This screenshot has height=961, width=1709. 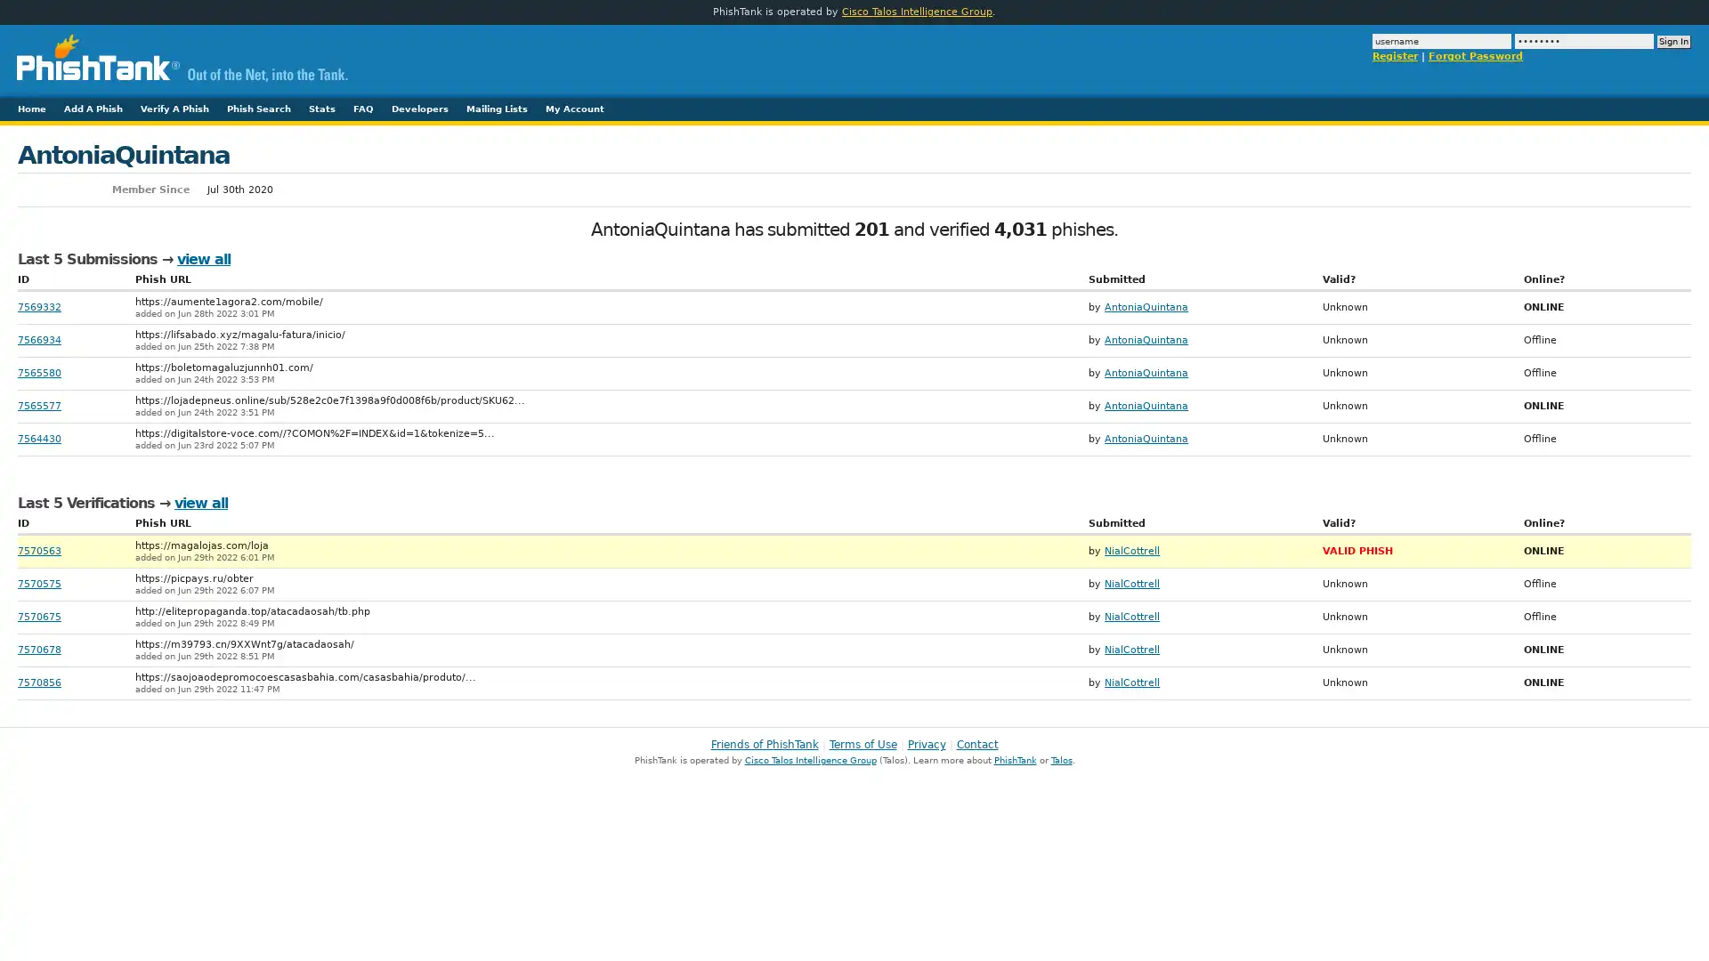 I want to click on Sign In, so click(x=1673, y=41).